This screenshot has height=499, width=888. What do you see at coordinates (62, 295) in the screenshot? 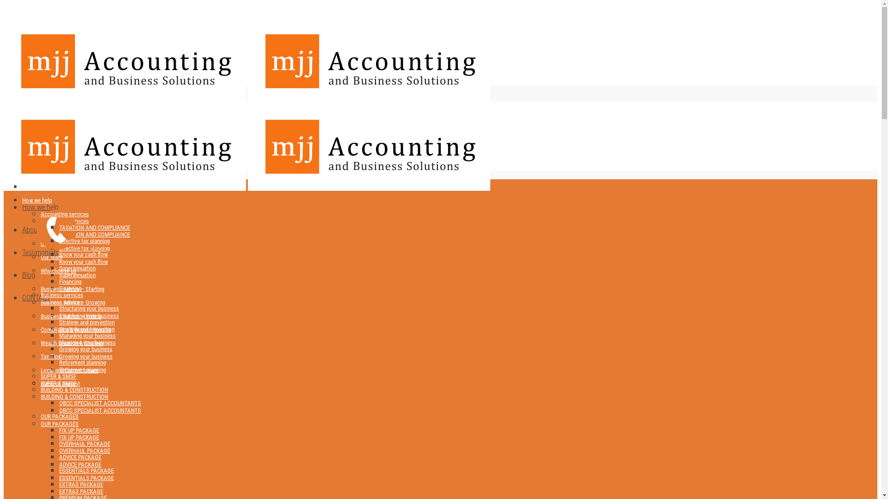
I see `'Business services'` at bounding box center [62, 295].